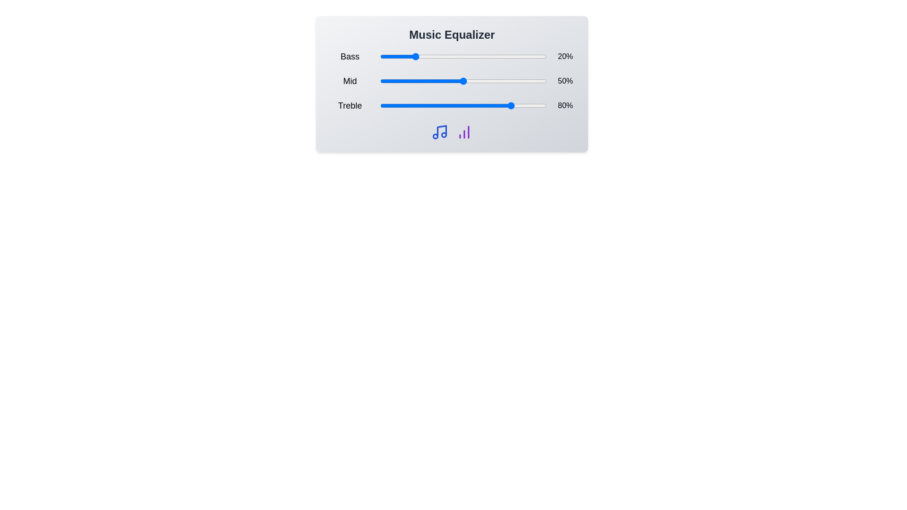 This screenshot has height=510, width=907. I want to click on the bar chart icon to interact with the chart-related feature, so click(464, 132).